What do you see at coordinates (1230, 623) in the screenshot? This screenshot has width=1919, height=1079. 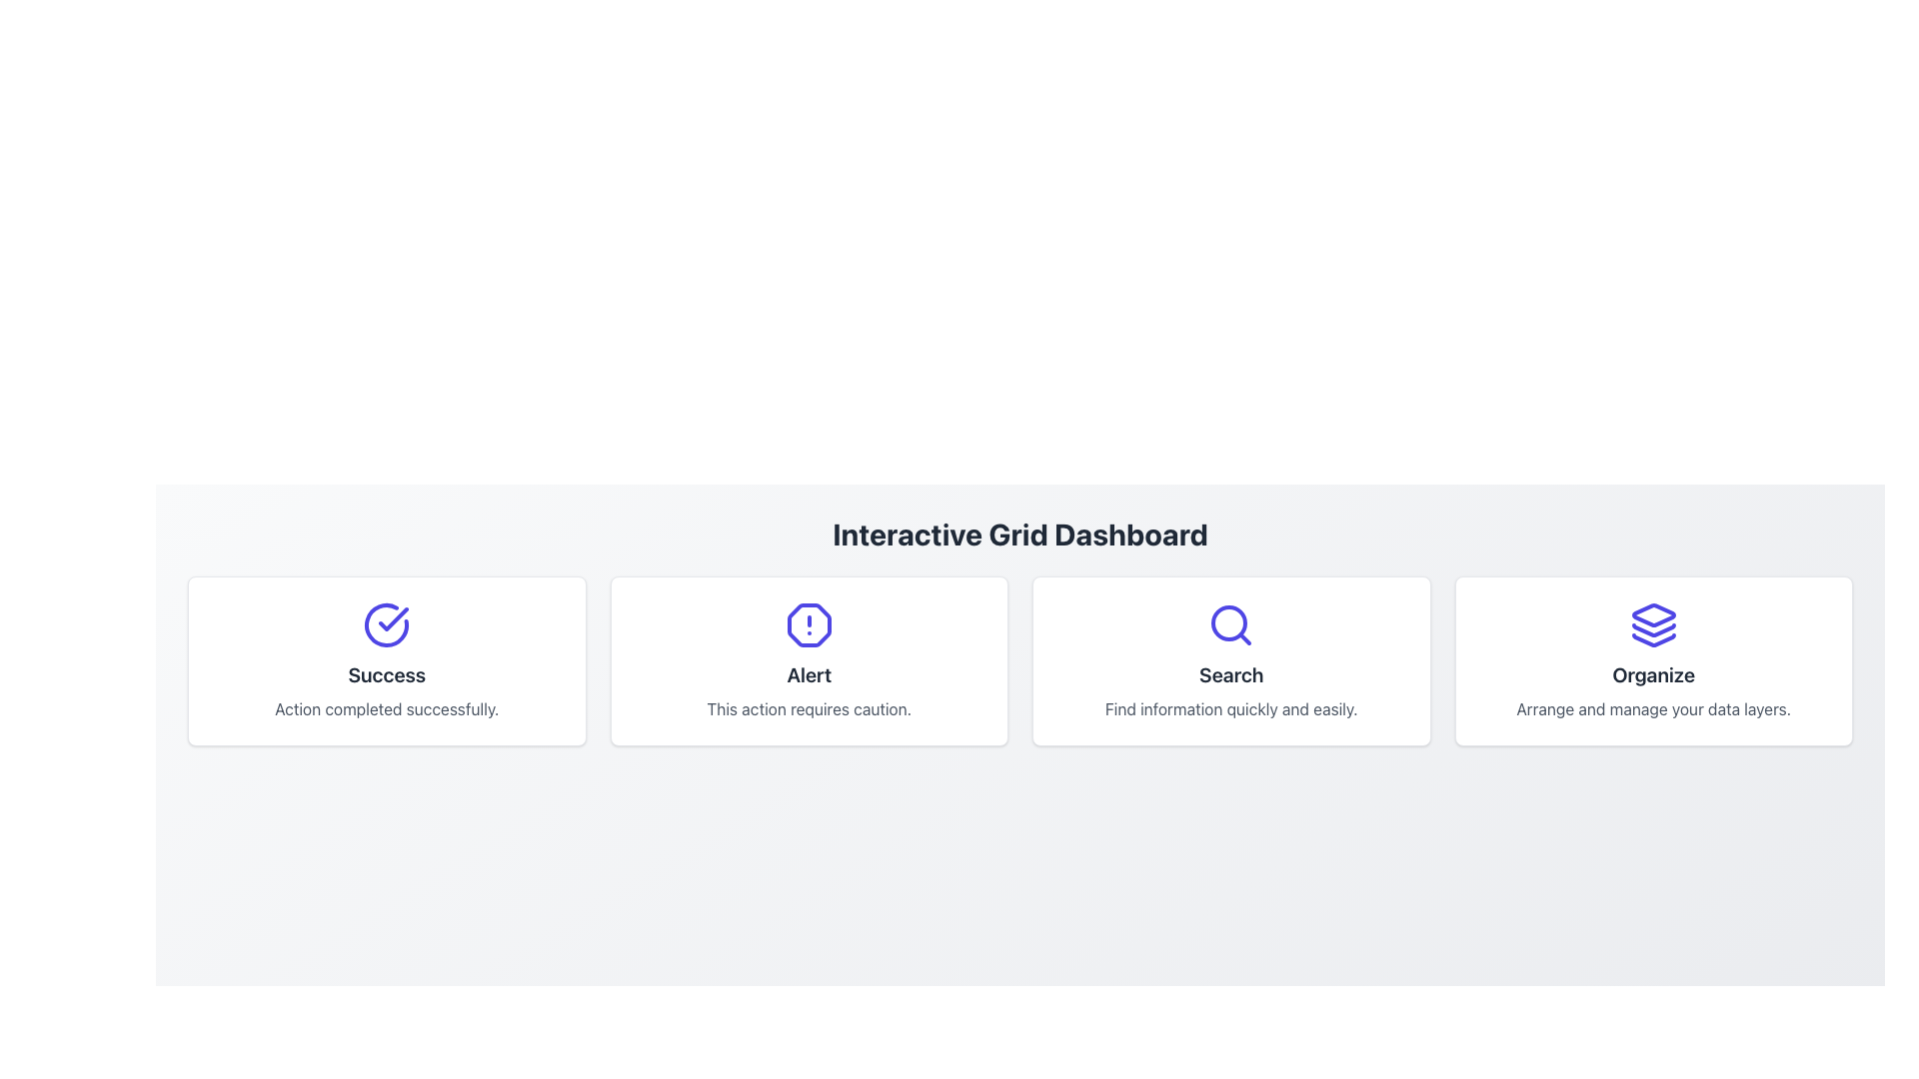 I see `the magnifying glass icon with a blue outline located above the text 'Search' in the third card from the left` at bounding box center [1230, 623].